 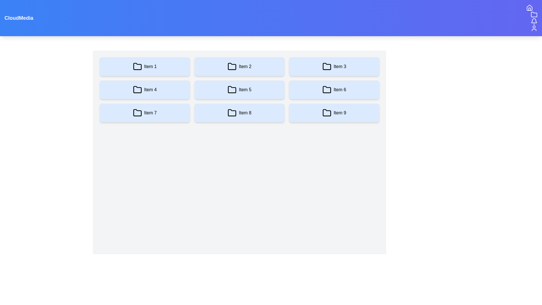 I want to click on the User navigation icon, so click(x=534, y=28).